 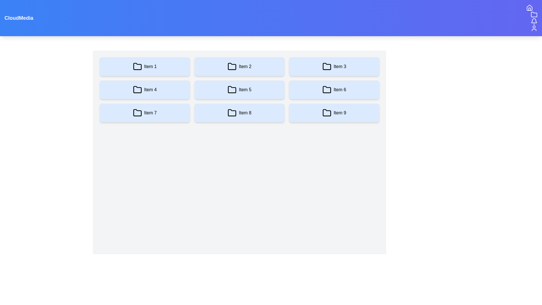 I want to click on the User navigation icon, so click(x=534, y=28).